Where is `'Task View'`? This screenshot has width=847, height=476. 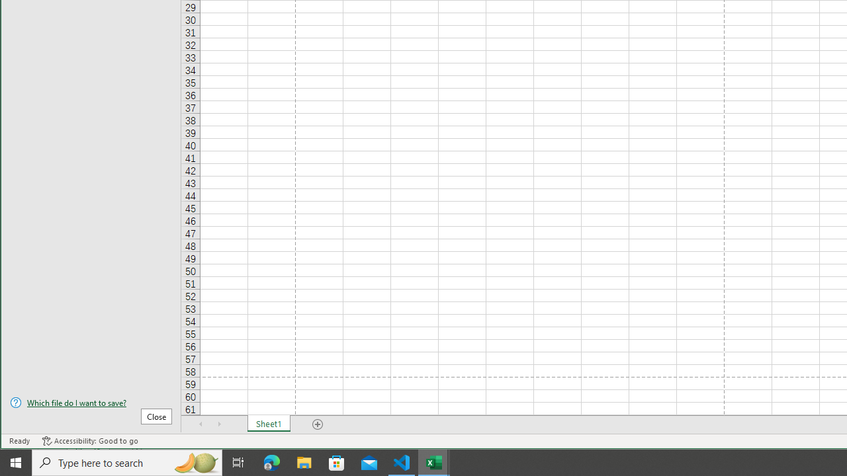 'Task View' is located at coordinates (238, 461).